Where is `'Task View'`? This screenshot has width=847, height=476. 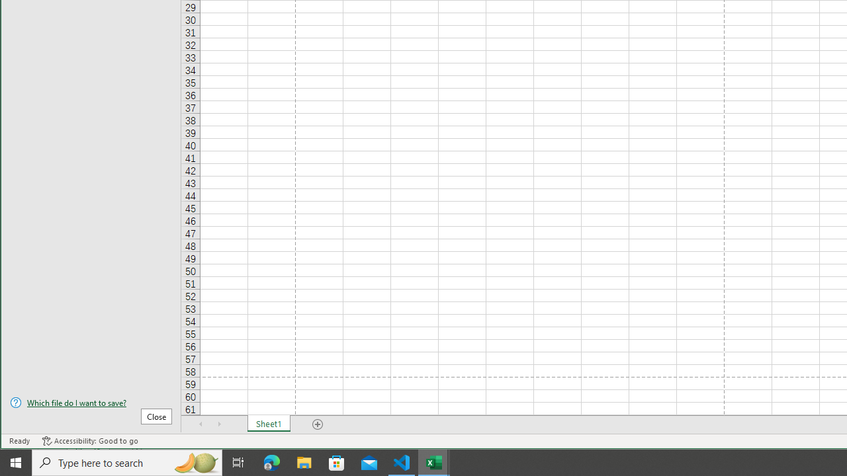 'Task View' is located at coordinates (238, 461).